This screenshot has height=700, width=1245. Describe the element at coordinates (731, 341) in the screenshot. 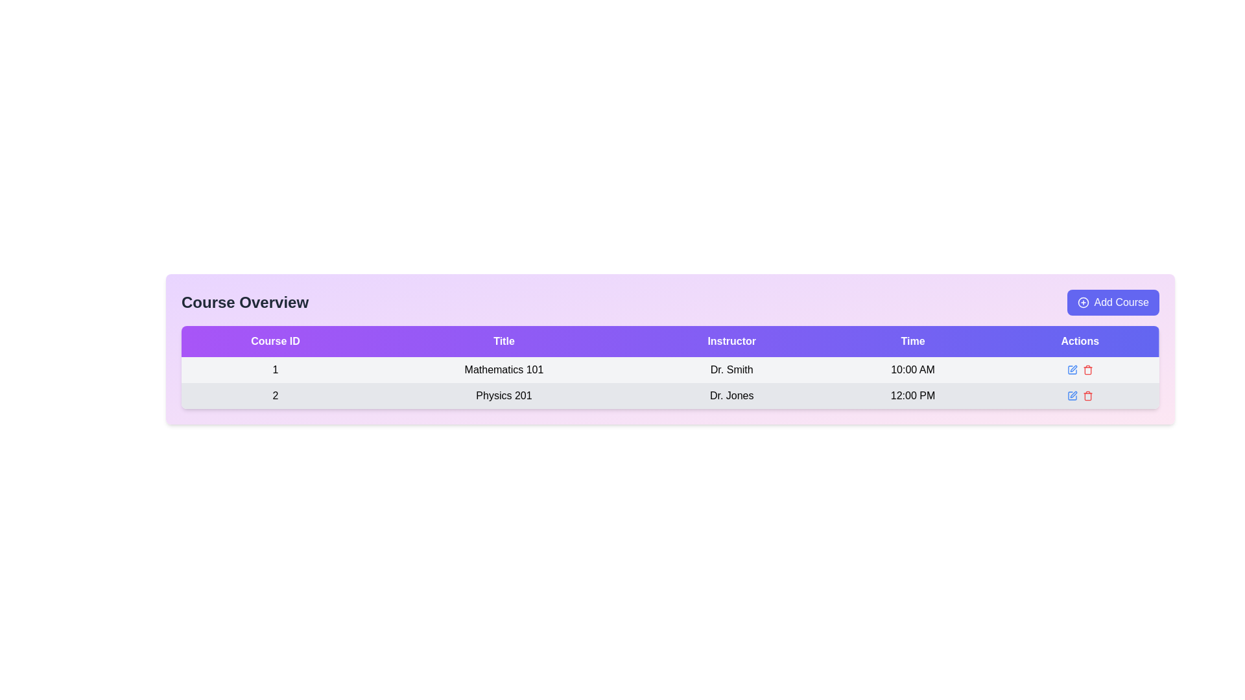

I see `the 'Instructor' text label, which is displayed in white text on a purple rectangular background, located in the third column of the header row` at that location.